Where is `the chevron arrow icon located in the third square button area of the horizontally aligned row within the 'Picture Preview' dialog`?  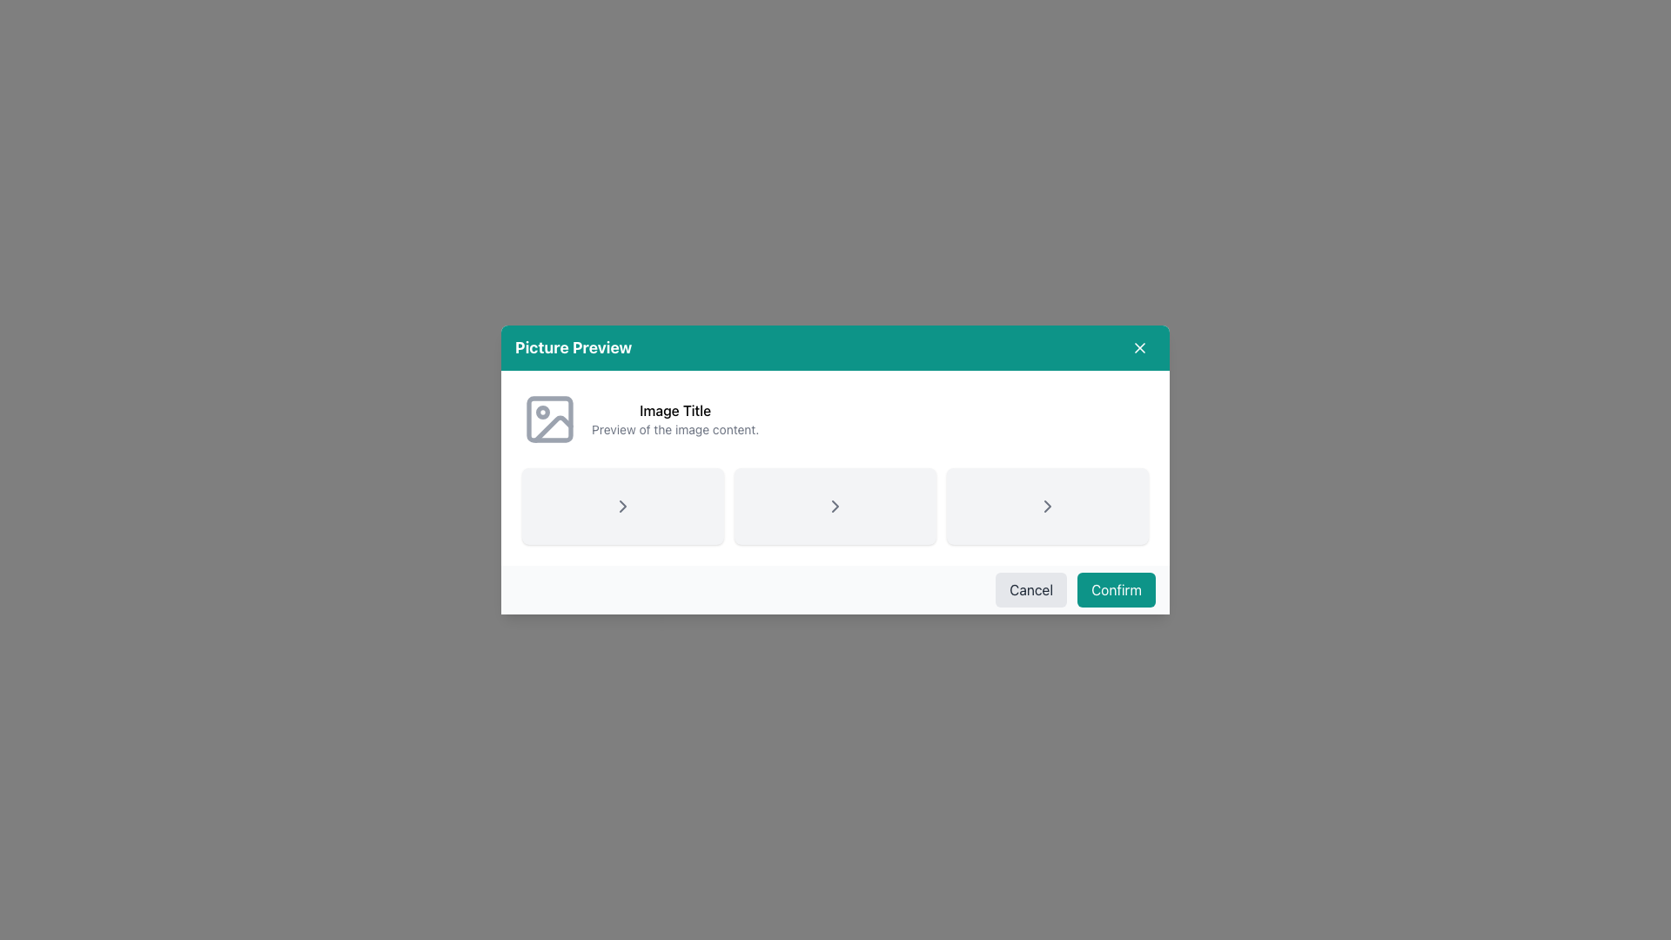 the chevron arrow icon located in the third square button area of the horizontally aligned row within the 'Picture Preview' dialog is located at coordinates (1047, 507).